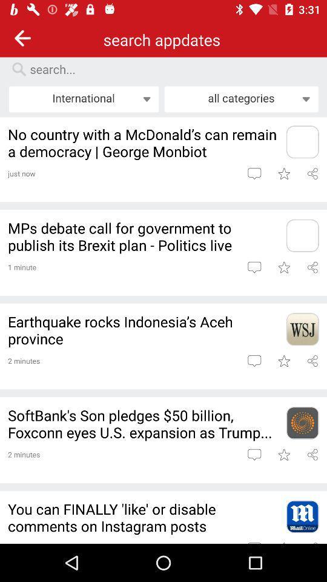  What do you see at coordinates (283, 173) in the screenshot?
I see `article` at bounding box center [283, 173].